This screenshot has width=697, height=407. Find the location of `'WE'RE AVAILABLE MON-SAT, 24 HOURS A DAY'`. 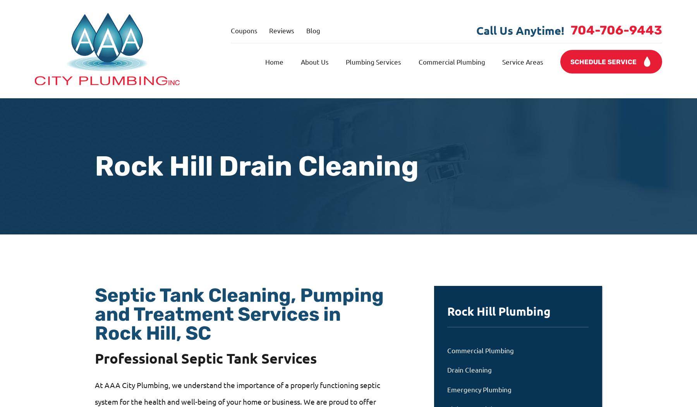

'WE'RE AVAILABLE MON-SAT, 24 HOURS A DAY' is located at coordinates (114, 335).